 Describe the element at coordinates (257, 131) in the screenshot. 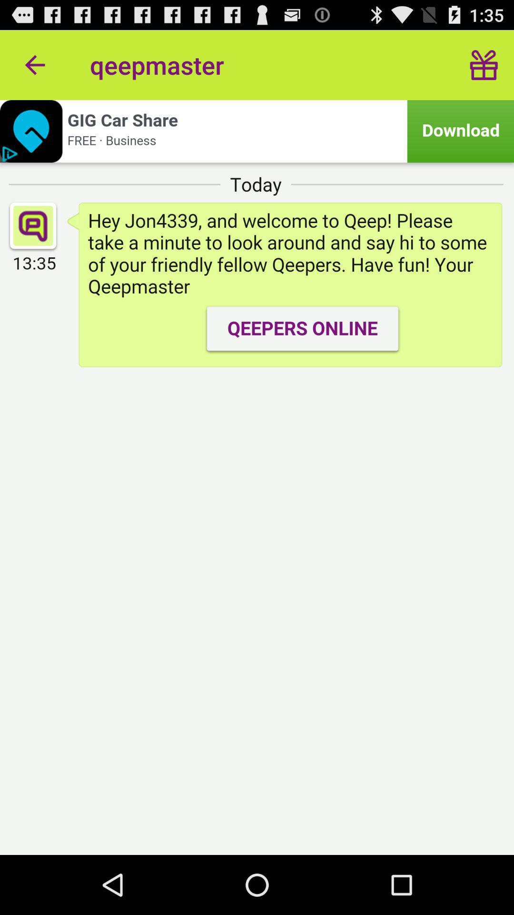

I see `launch advertisement link` at that location.